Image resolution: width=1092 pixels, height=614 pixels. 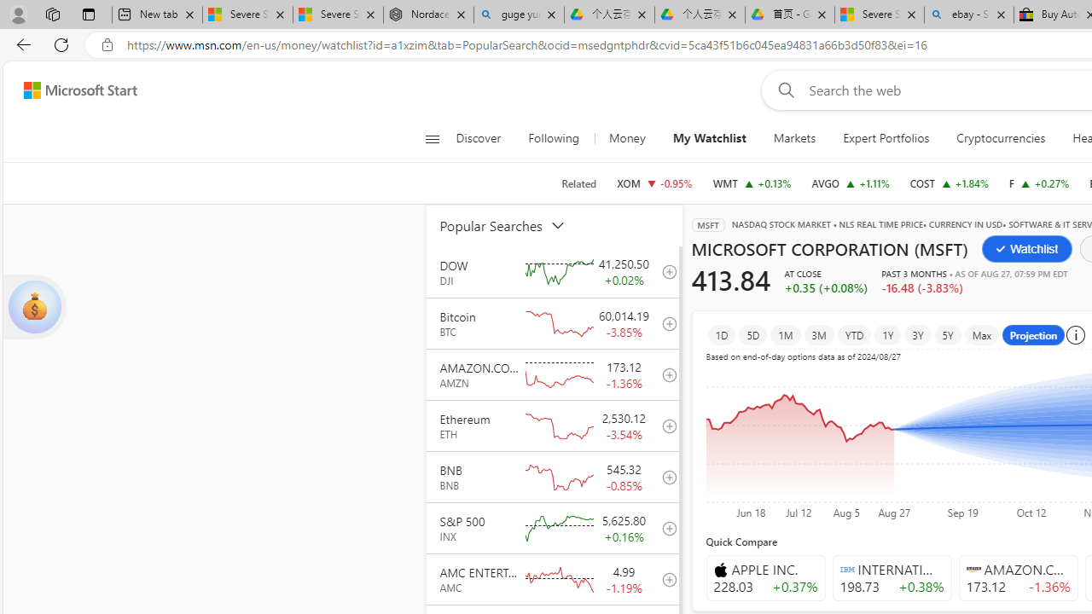 What do you see at coordinates (20, 43) in the screenshot?
I see `'Back'` at bounding box center [20, 43].